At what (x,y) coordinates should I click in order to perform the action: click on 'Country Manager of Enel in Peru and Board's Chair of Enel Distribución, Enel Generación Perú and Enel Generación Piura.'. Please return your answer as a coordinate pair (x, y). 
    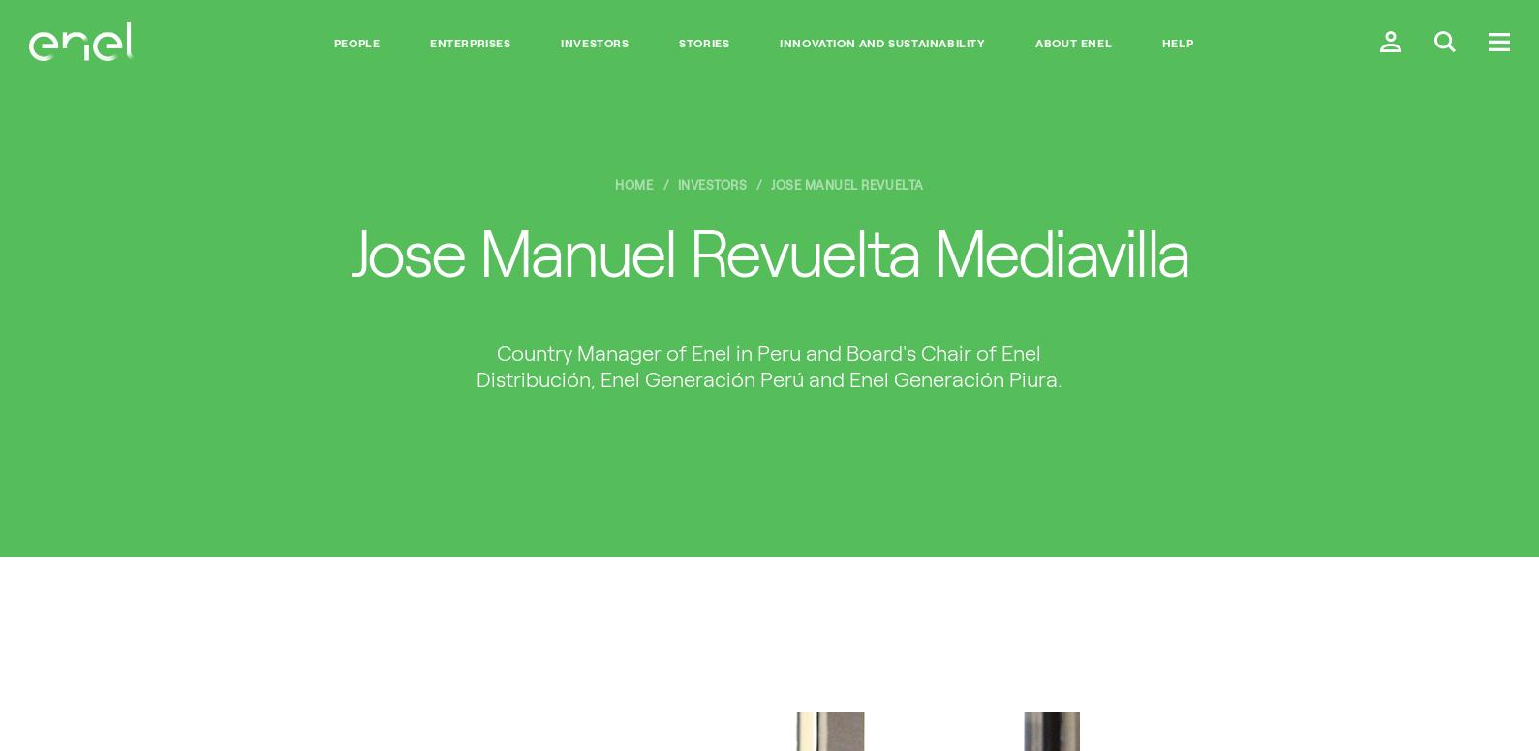
    Looking at the image, I should click on (768, 365).